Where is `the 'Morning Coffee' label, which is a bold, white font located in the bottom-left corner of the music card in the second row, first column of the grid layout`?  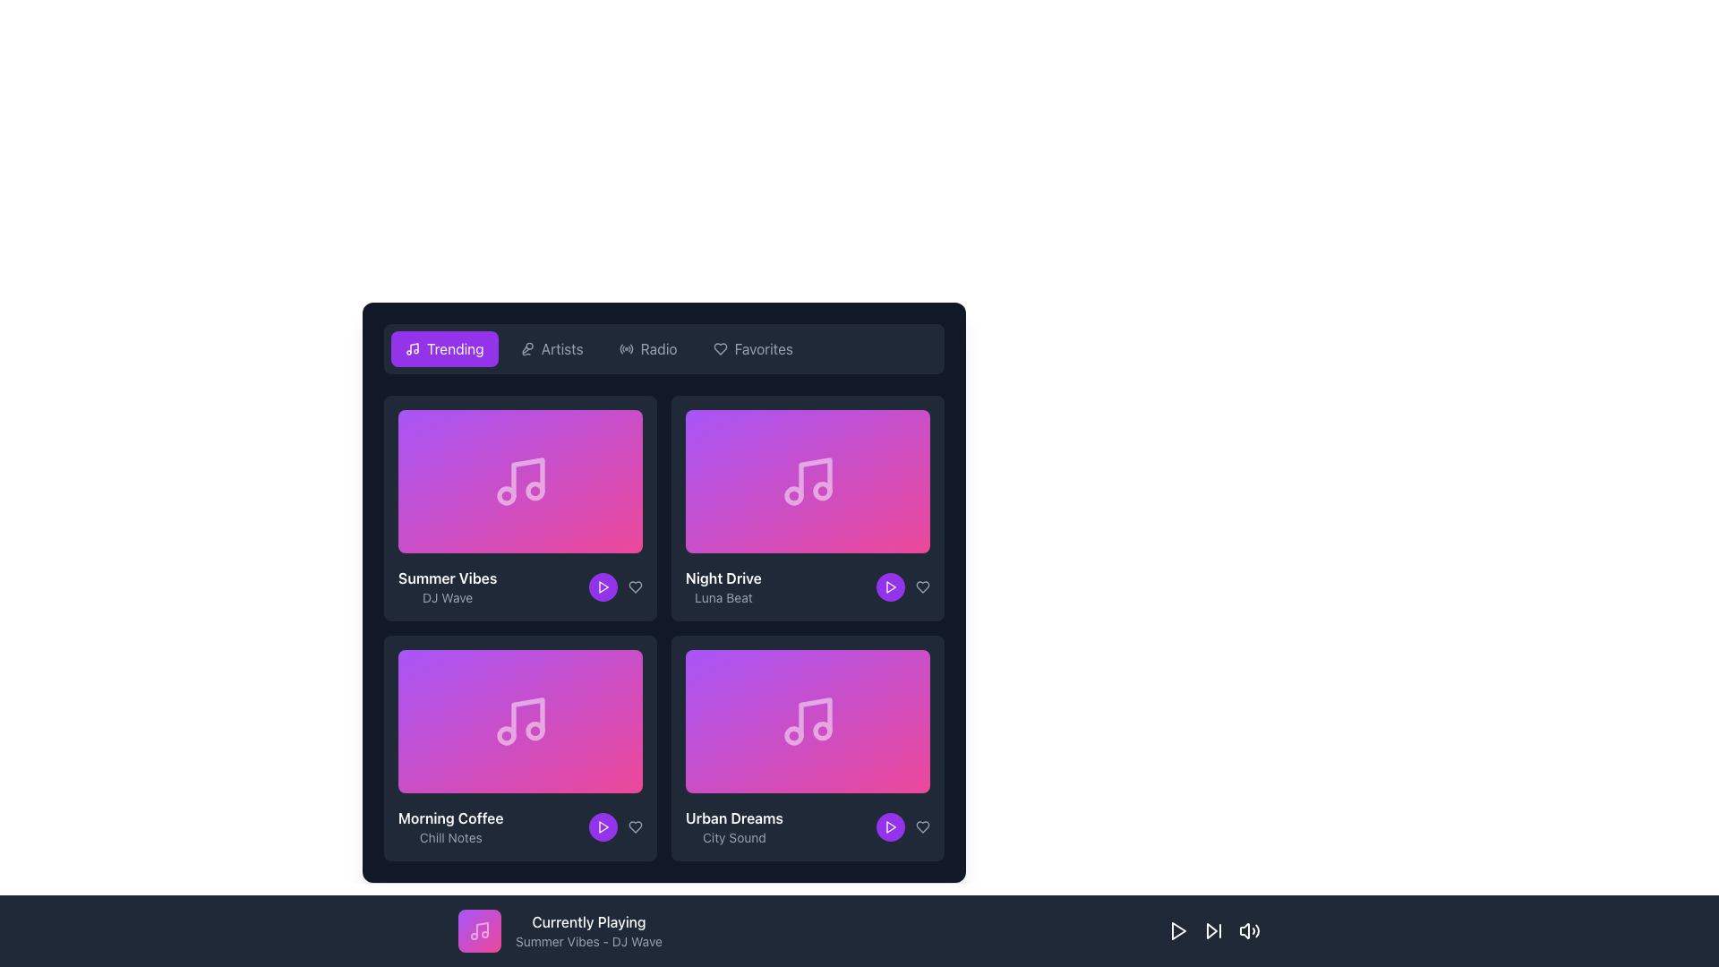 the 'Morning Coffee' label, which is a bold, white font located in the bottom-left corner of the music card in the second row, first column of the grid layout is located at coordinates (450, 818).